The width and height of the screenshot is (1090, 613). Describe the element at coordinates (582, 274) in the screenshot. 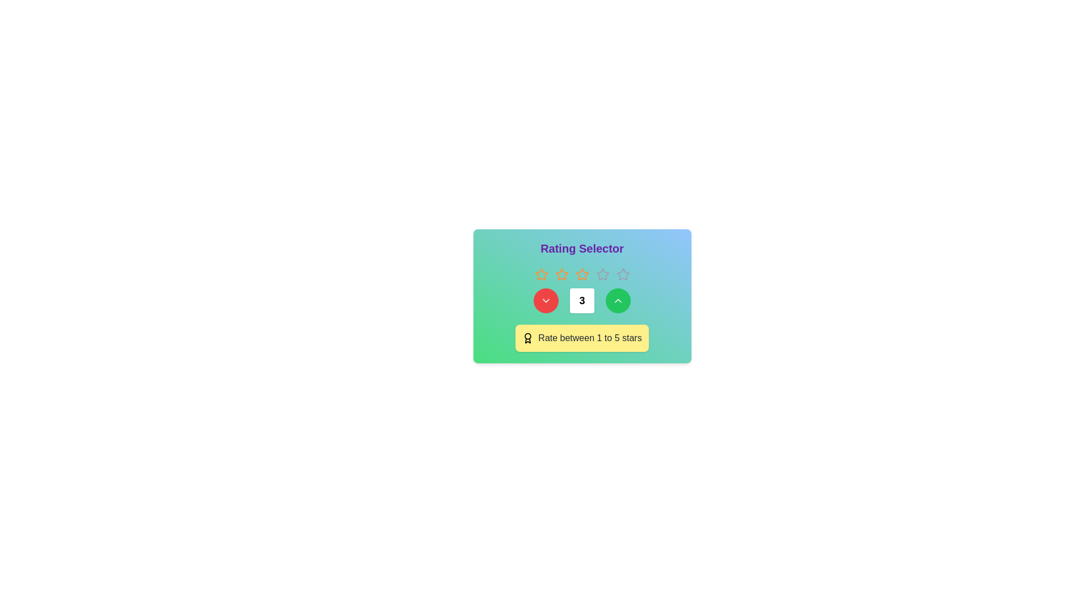

I see `the third star icon in a row of five star icons` at that location.